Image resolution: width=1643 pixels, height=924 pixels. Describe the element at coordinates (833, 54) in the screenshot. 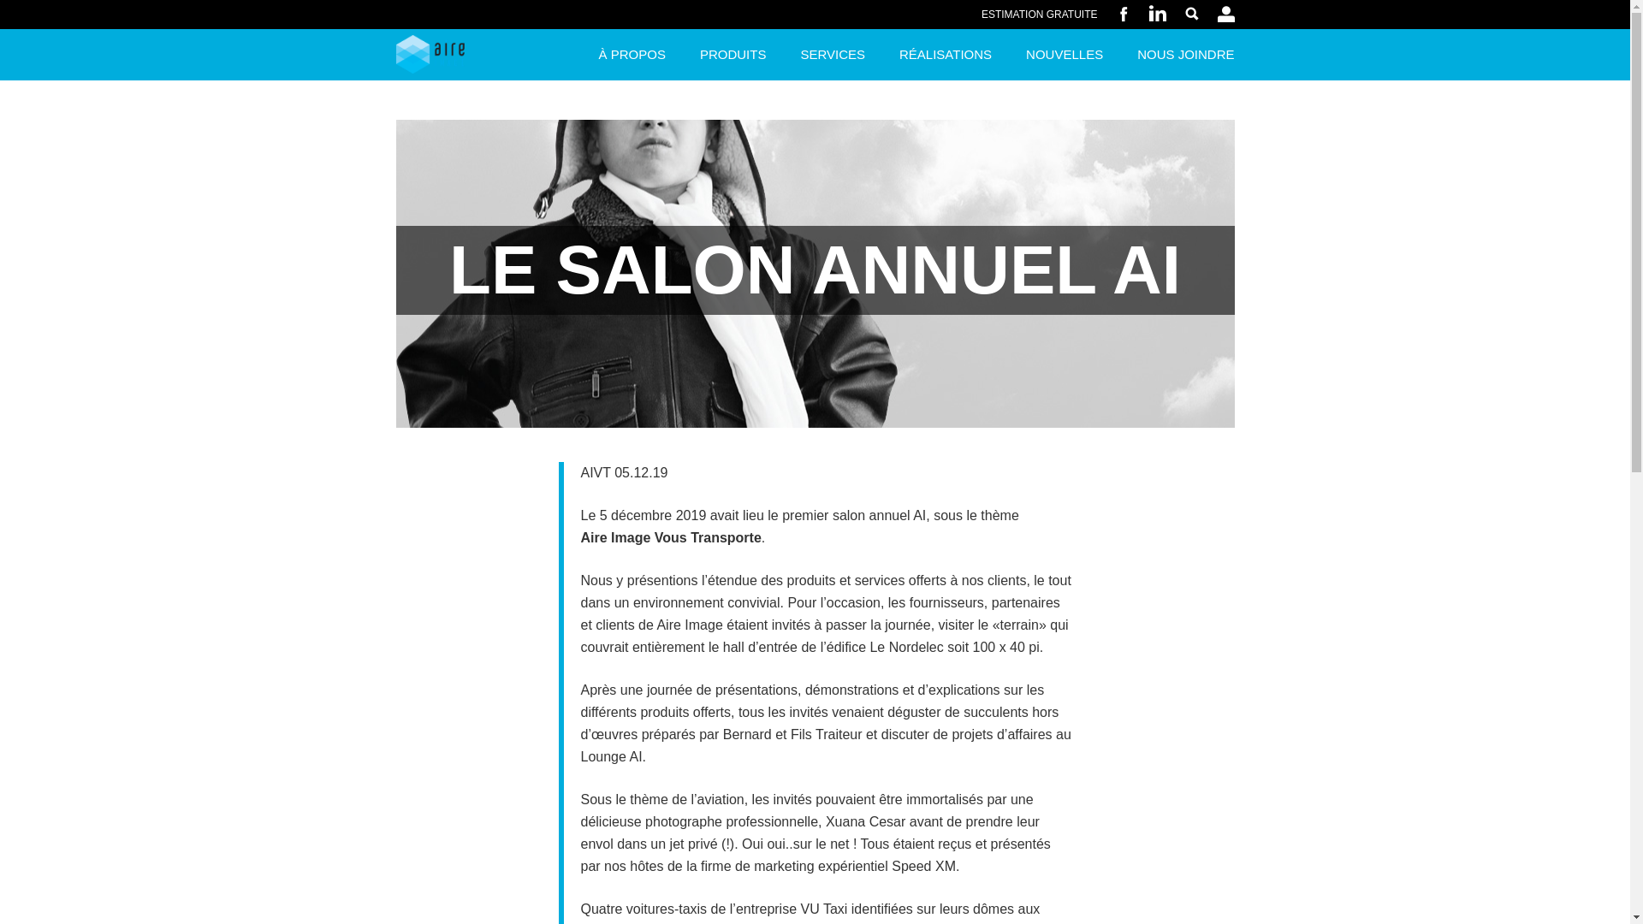

I see `'SERVICES'` at that location.